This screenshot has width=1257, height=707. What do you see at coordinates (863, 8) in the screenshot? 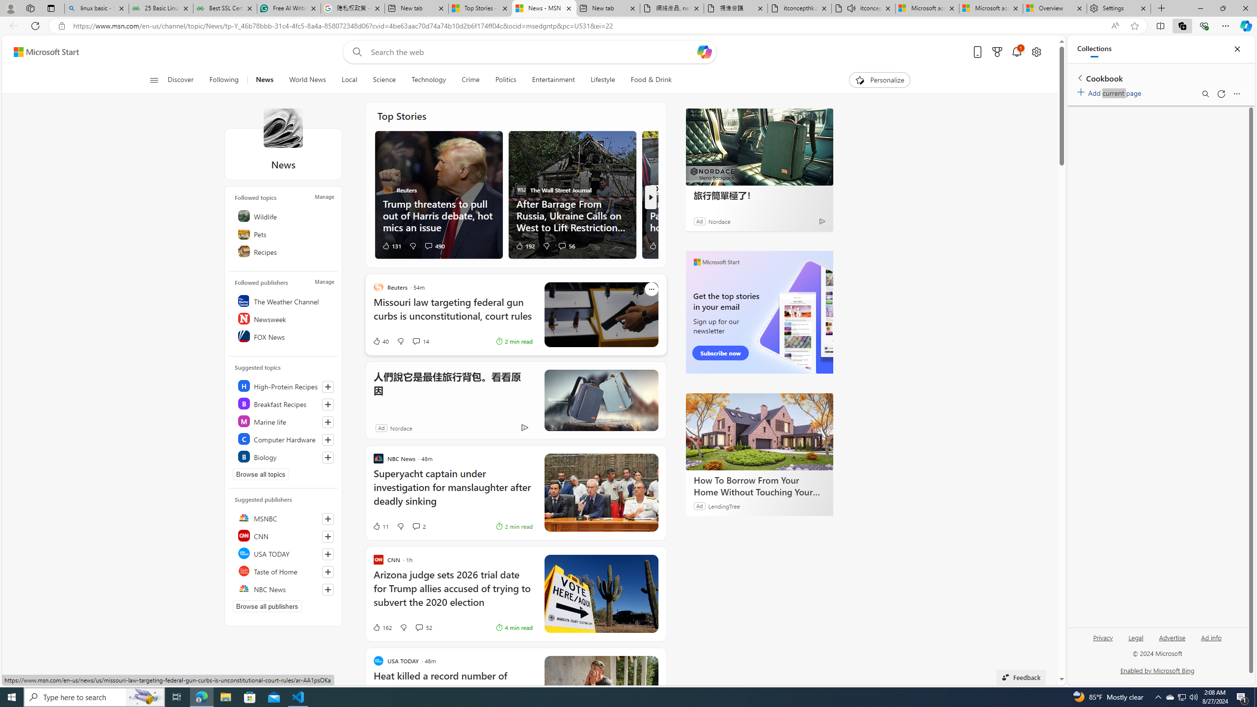
I see `'itconcepthk.com/projector_solutions.mp4 - Audio playing'` at bounding box center [863, 8].